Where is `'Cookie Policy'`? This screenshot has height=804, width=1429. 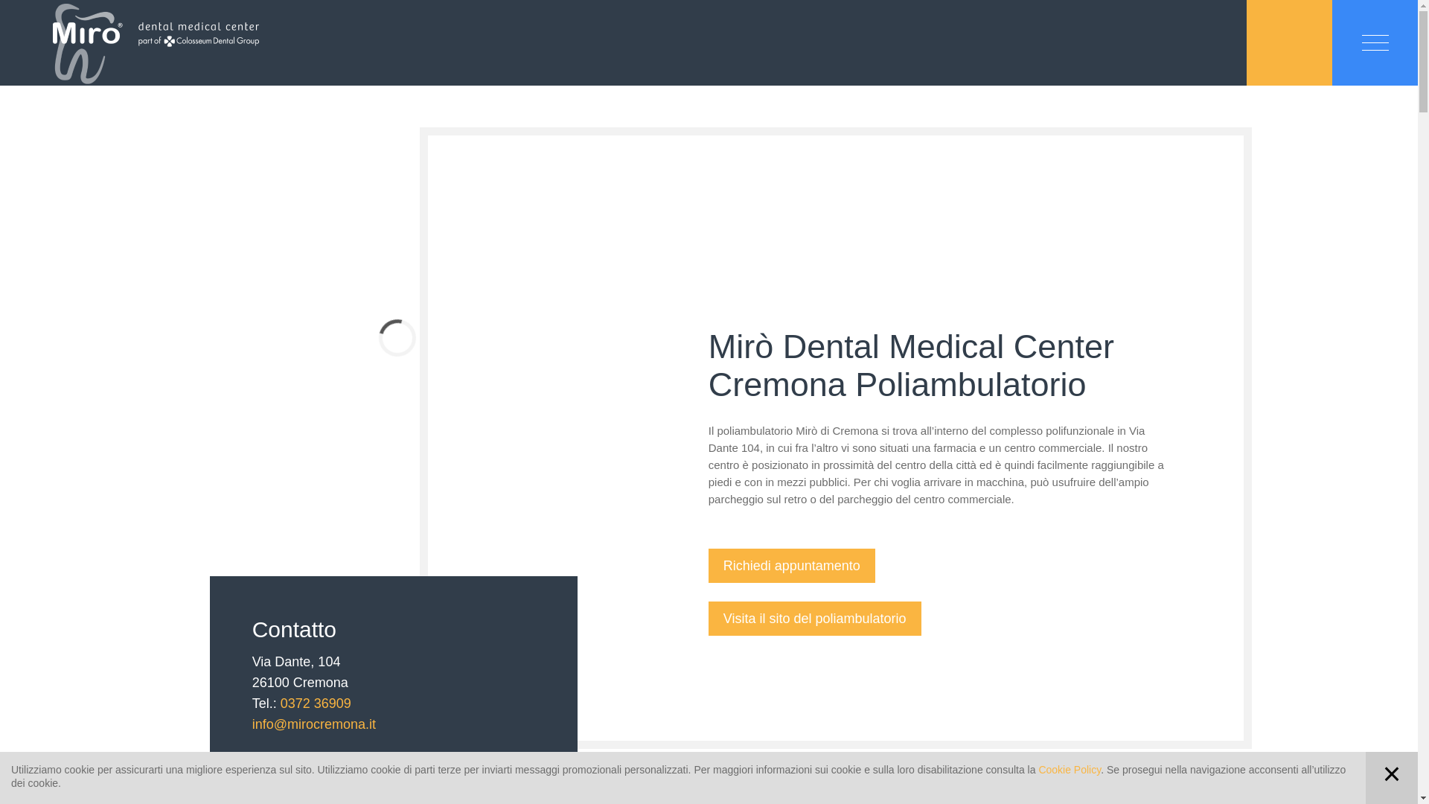
'Cookie Policy' is located at coordinates (1068, 769).